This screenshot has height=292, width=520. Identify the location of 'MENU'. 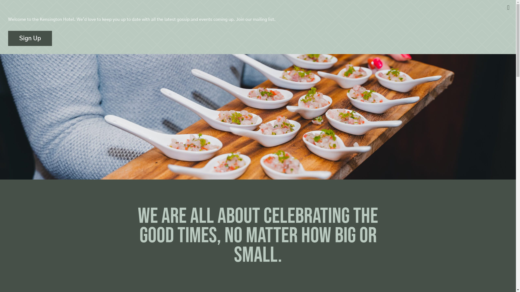
(16, 13).